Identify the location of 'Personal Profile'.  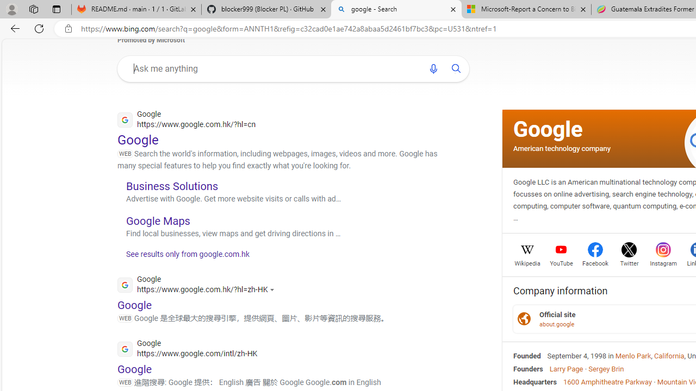
(11, 9).